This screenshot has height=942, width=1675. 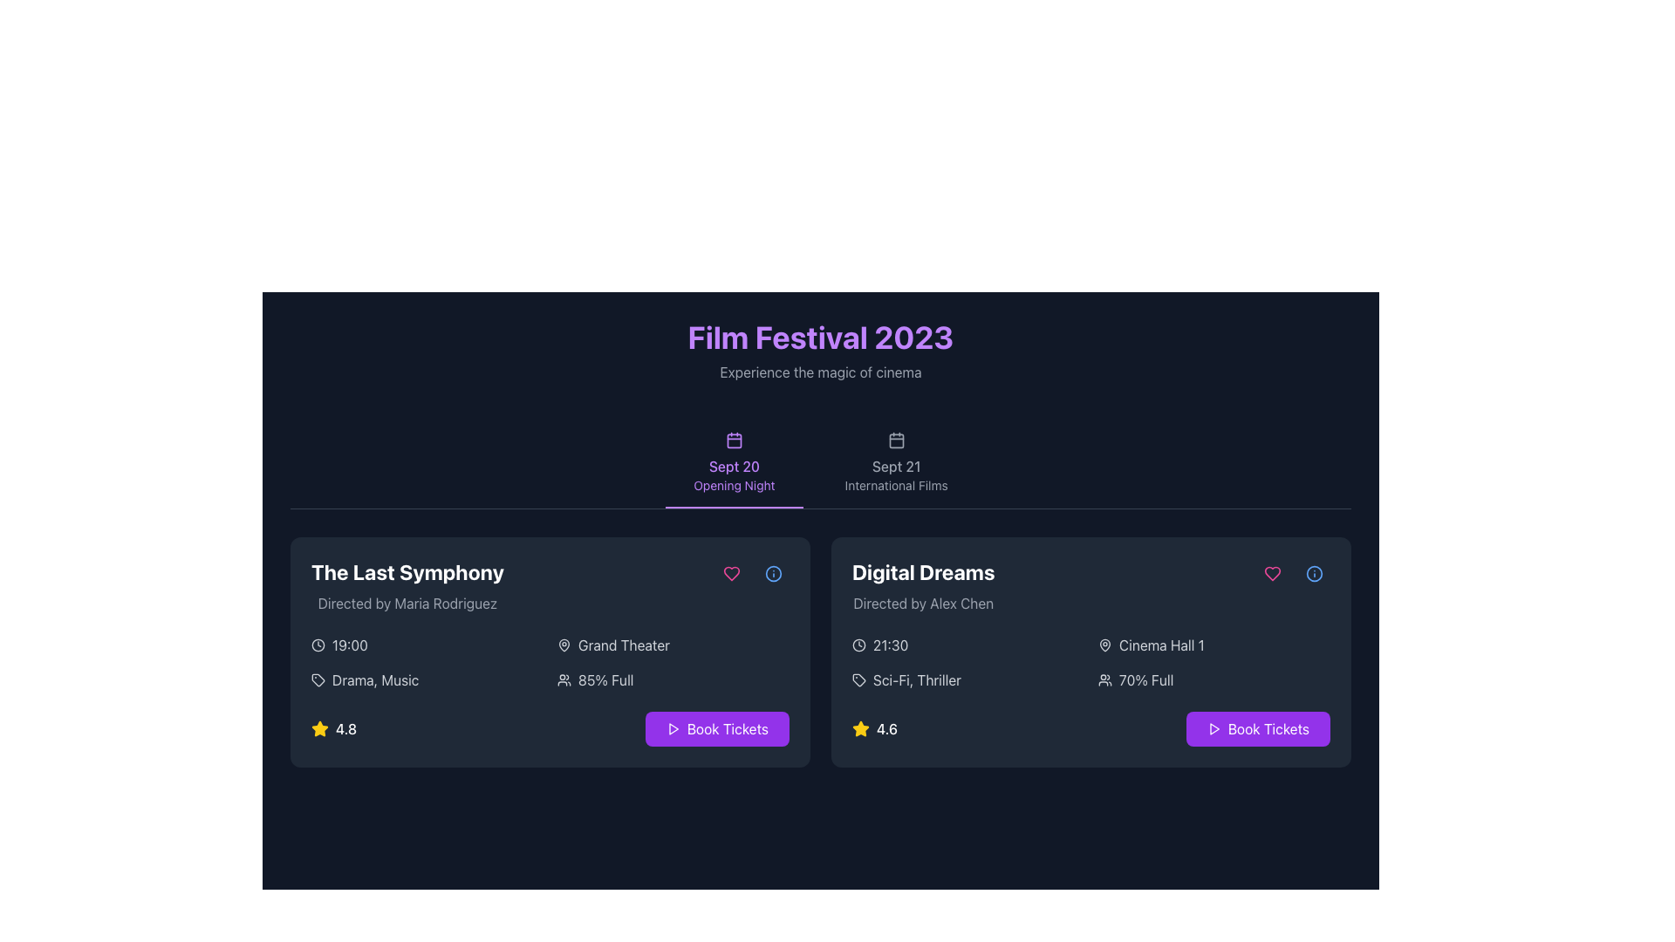 I want to click on the information icon button located in the top-right corner of the right information card under the 'Digital Dreams' header, so click(x=1315, y=574).